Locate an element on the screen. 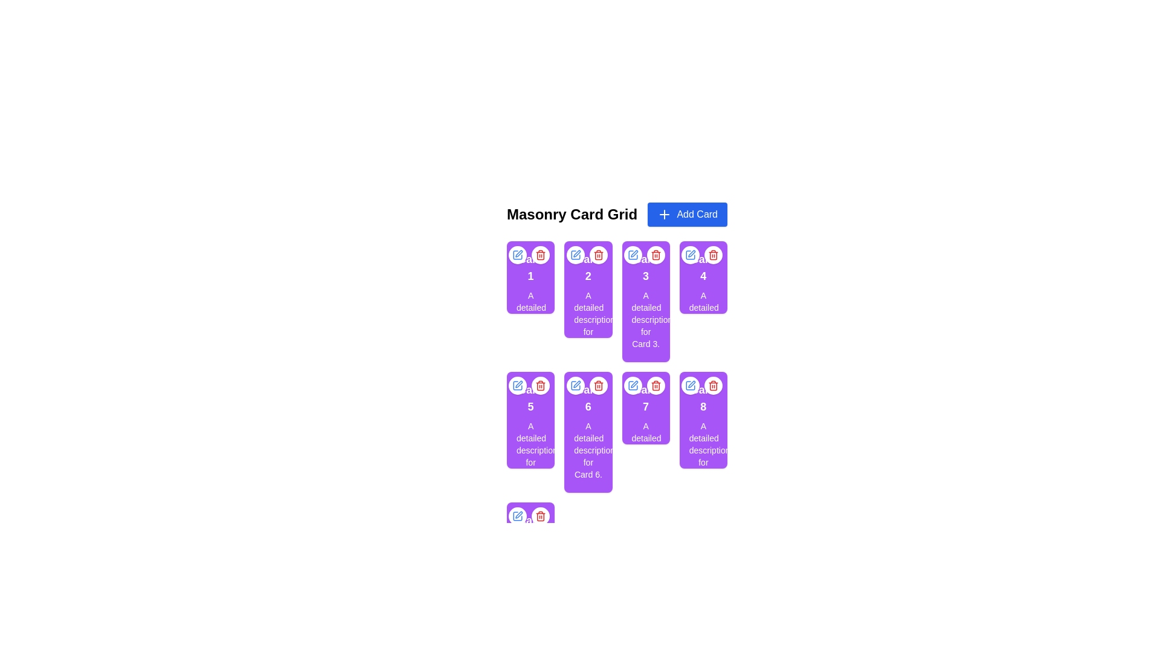 Image resolution: width=1160 pixels, height=653 pixels. the edit icon located inside a white circular button above the last card in the masonry card grid is located at coordinates (518, 516).